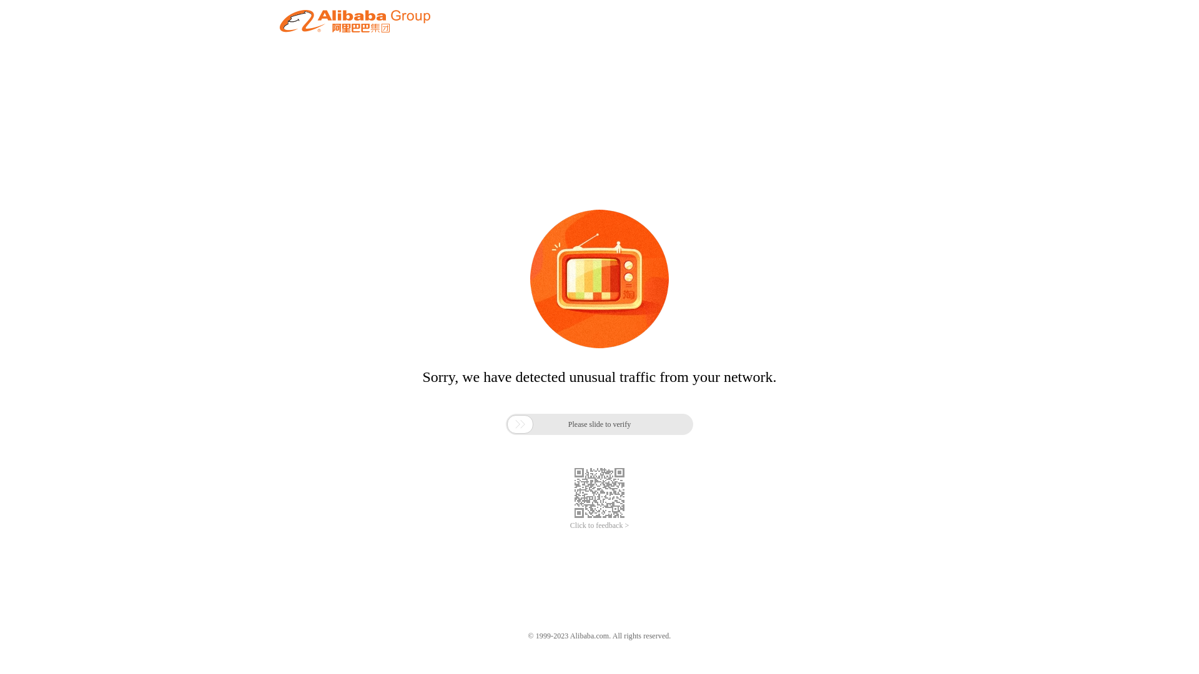 This screenshot has width=1199, height=674. What do you see at coordinates (569, 525) in the screenshot?
I see `'Click to feedback >'` at bounding box center [569, 525].